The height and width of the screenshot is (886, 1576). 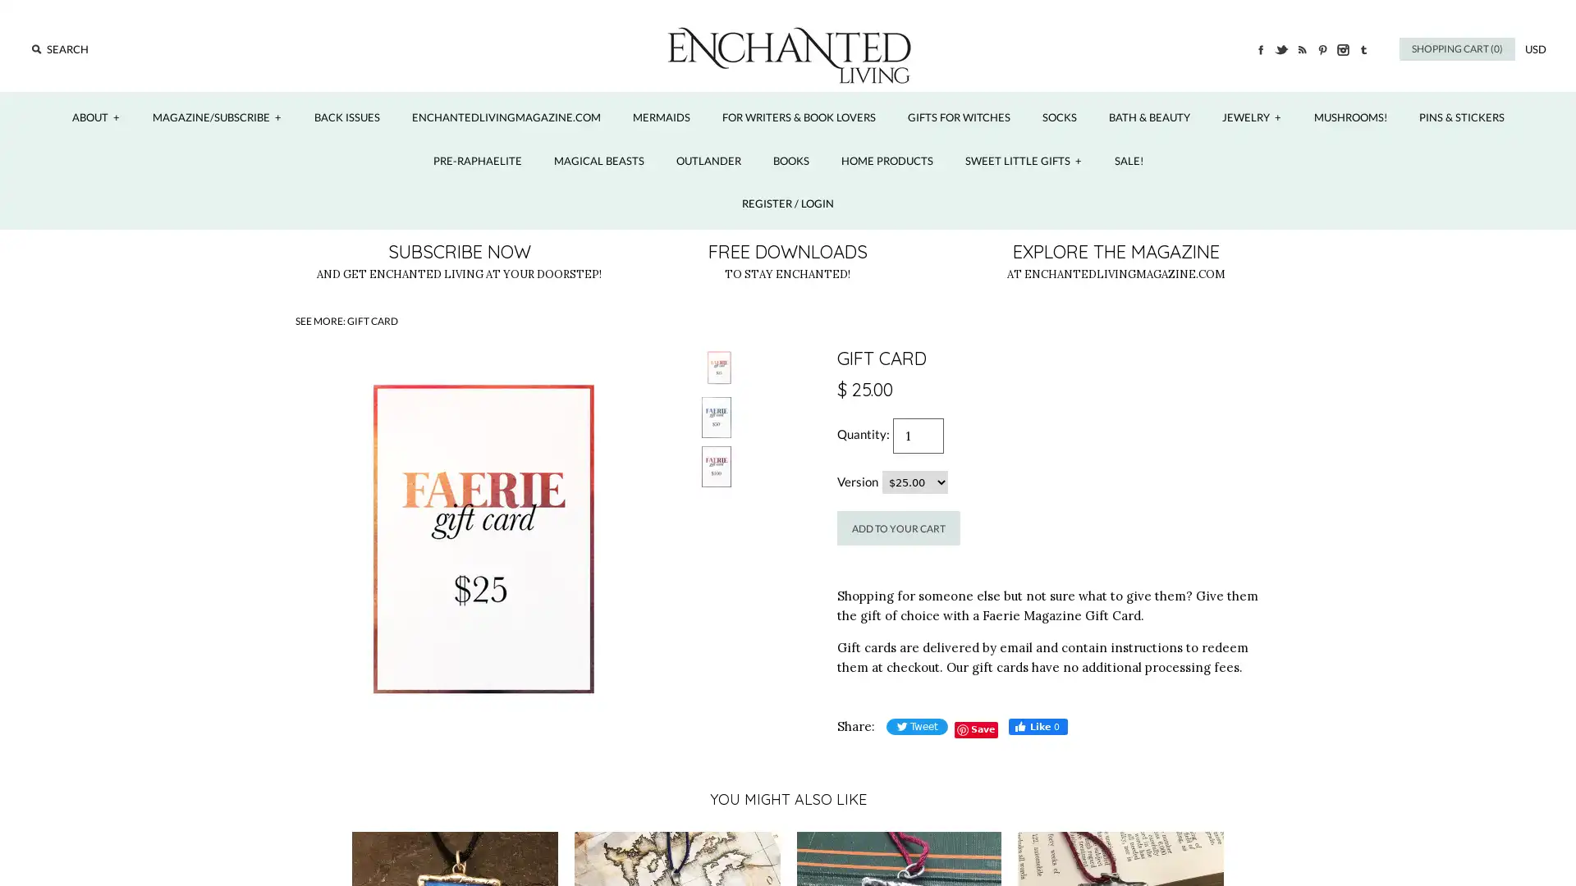 I want to click on Add to Your Cart, so click(x=897, y=528).